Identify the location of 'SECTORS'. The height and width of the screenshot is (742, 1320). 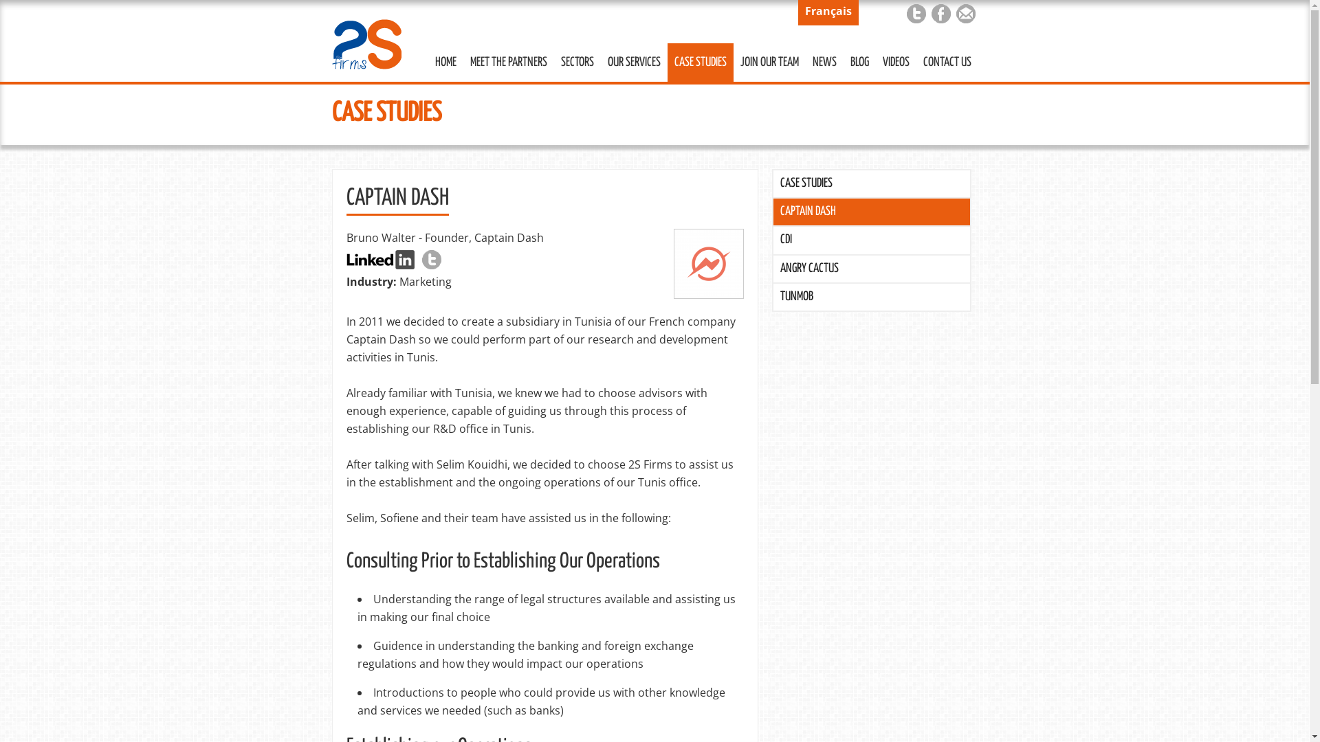
(577, 63).